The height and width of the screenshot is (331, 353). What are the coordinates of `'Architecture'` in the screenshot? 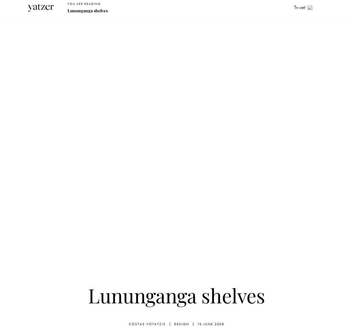 It's located at (126, 22).